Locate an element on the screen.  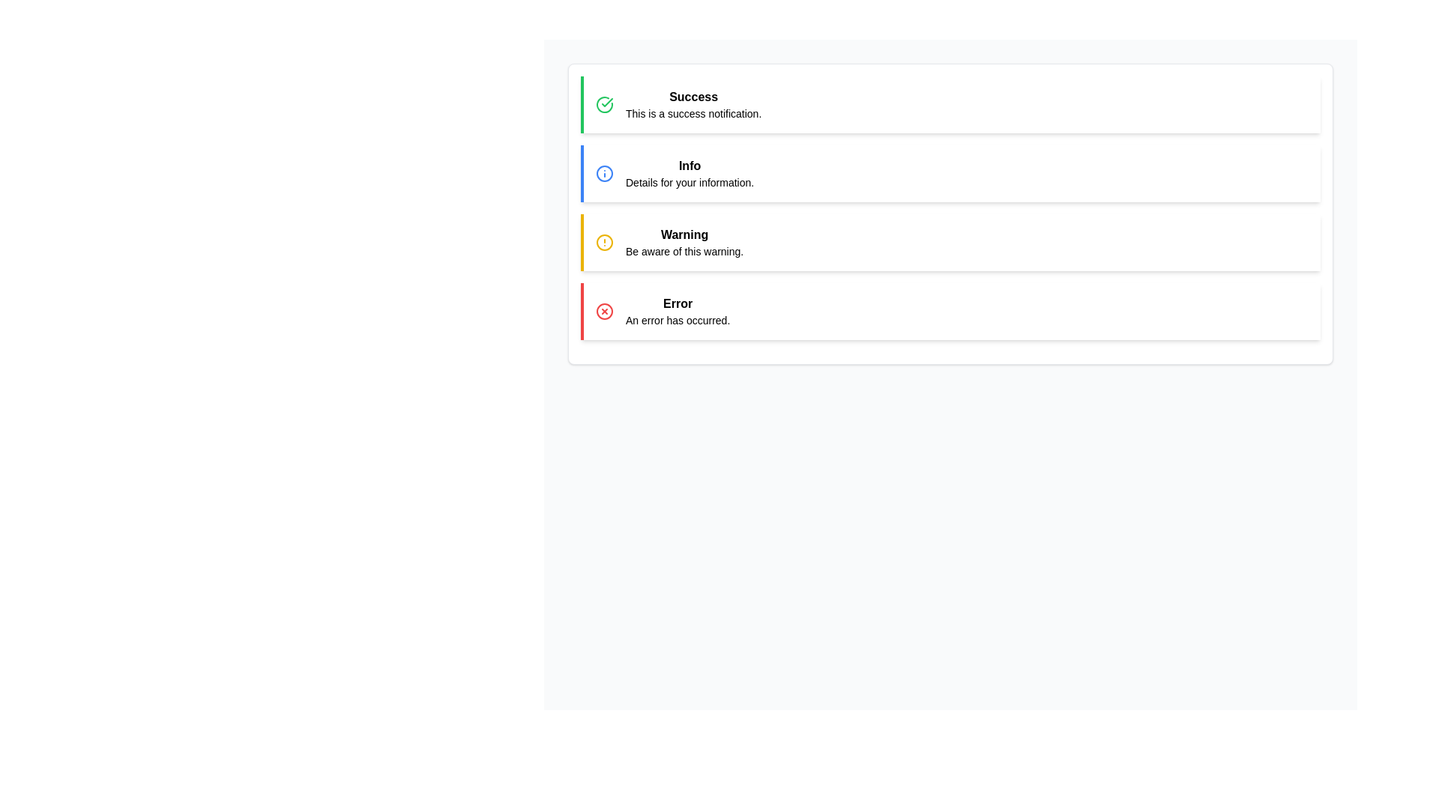
the text label displaying 'Details for your information.' which is located under the bold 'Info' header in the notification card is located at coordinates (689, 181).